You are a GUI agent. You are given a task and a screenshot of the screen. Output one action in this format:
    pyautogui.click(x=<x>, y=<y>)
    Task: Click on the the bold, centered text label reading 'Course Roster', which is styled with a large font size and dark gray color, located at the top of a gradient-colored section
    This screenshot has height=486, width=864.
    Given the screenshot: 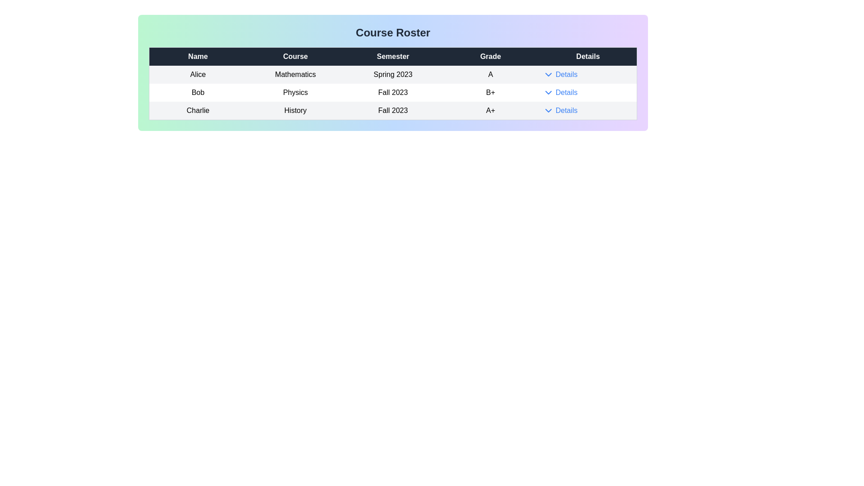 What is the action you would take?
    pyautogui.click(x=393, y=32)
    